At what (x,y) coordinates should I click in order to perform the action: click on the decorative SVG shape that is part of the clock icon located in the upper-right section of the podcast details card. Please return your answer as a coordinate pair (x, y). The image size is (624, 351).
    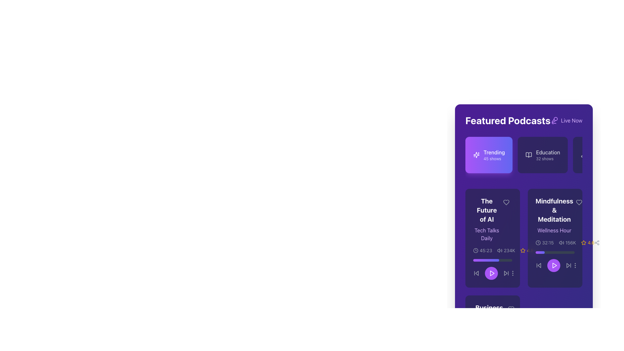
    Looking at the image, I should click on (538, 243).